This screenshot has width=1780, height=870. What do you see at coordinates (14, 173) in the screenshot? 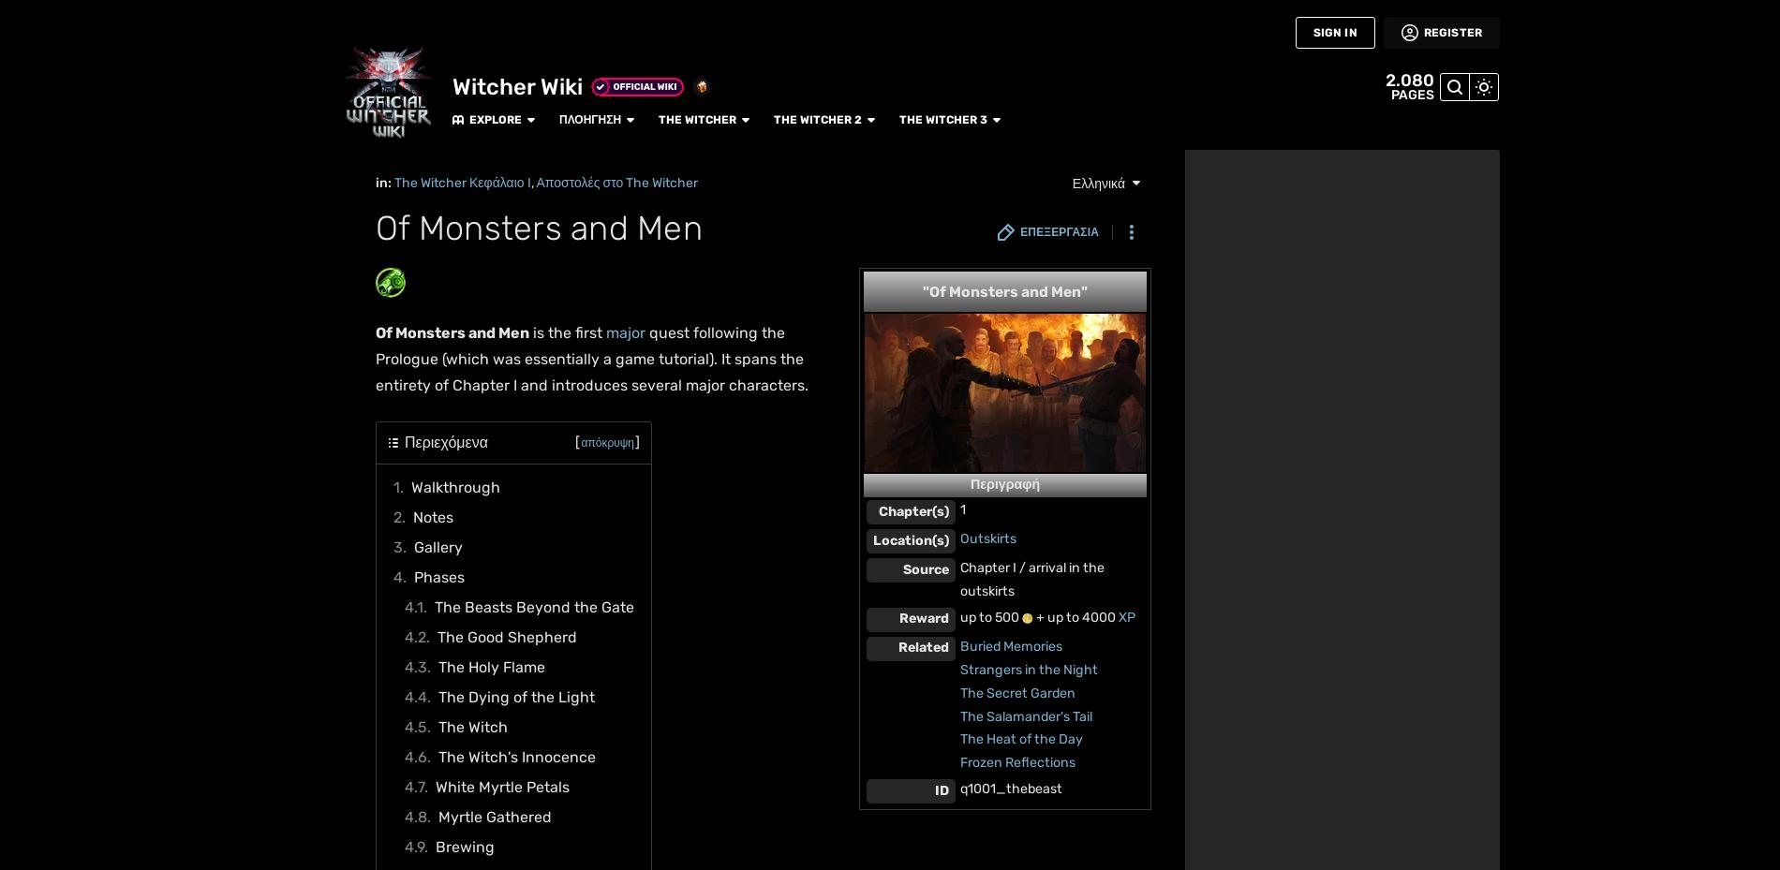
I see `'Games'` at bounding box center [14, 173].